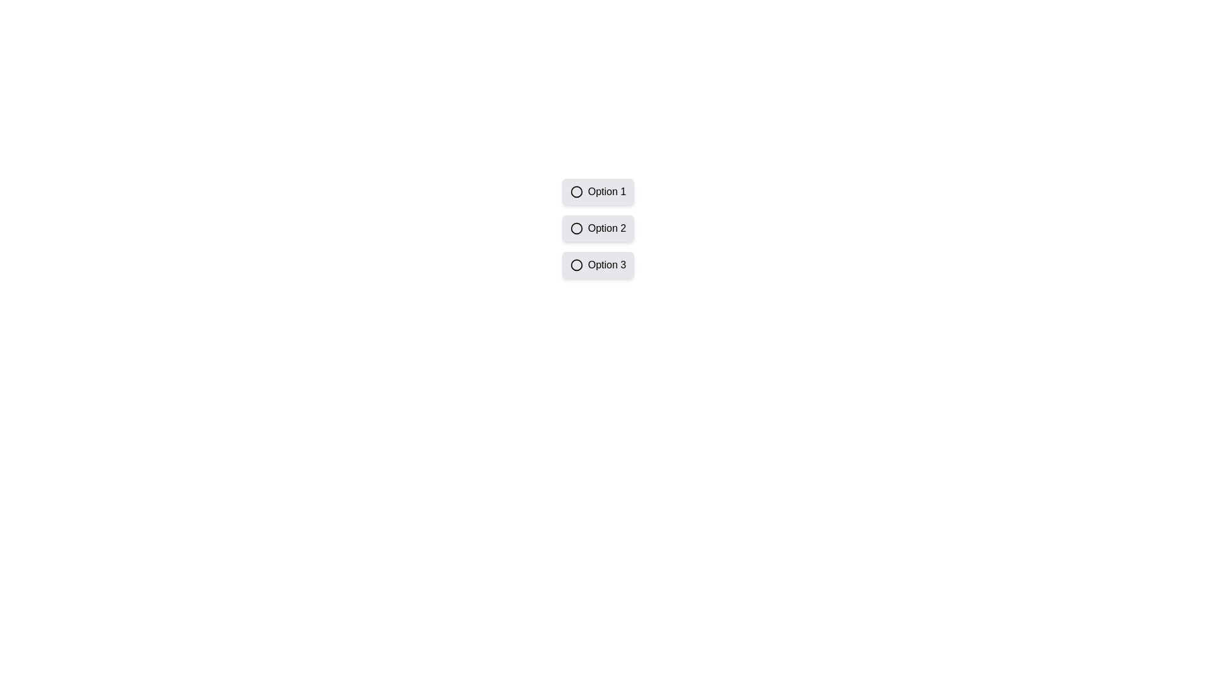 The width and height of the screenshot is (1213, 682). Describe the element at coordinates (606, 265) in the screenshot. I see `the 'Option 3' text label` at that location.